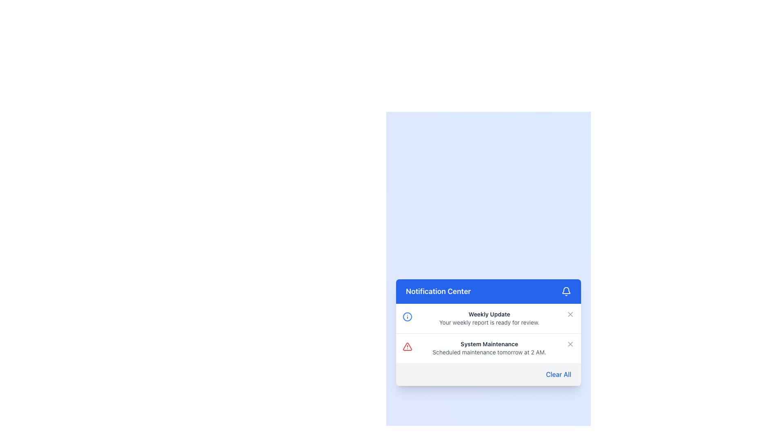 The width and height of the screenshot is (784, 441). I want to click on the icon located in the second column of the 'Weekly Update' notification dropdown to invoke a related action, so click(408, 316).